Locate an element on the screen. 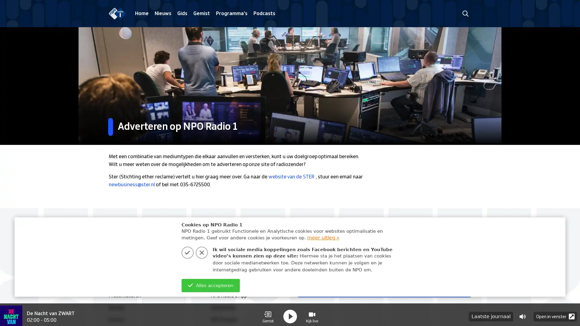 The height and width of the screenshot is (326, 580). Gemist Gemist is located at coordinates (268, 313).